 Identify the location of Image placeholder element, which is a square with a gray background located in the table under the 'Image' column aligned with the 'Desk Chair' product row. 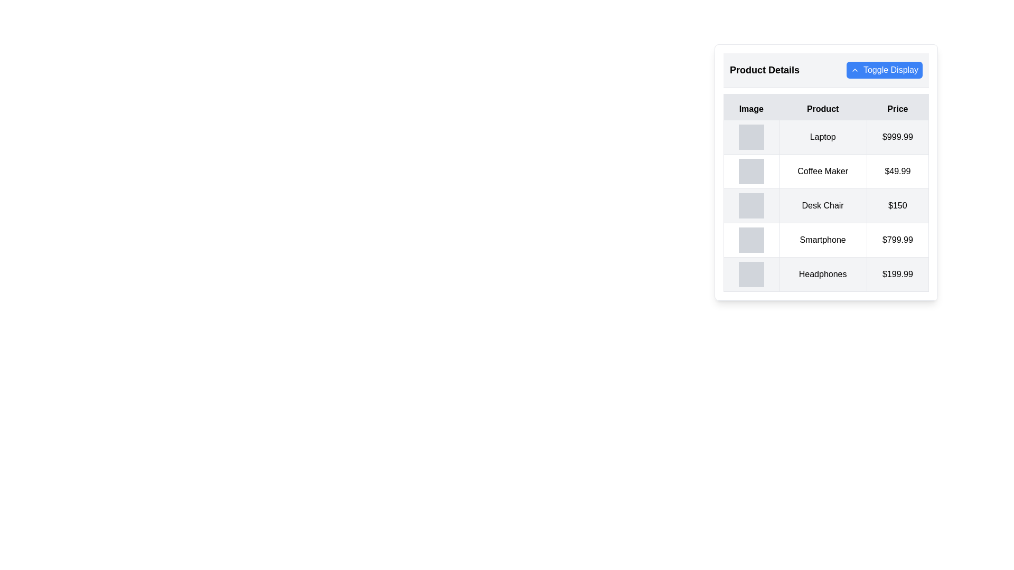
(750, 205).